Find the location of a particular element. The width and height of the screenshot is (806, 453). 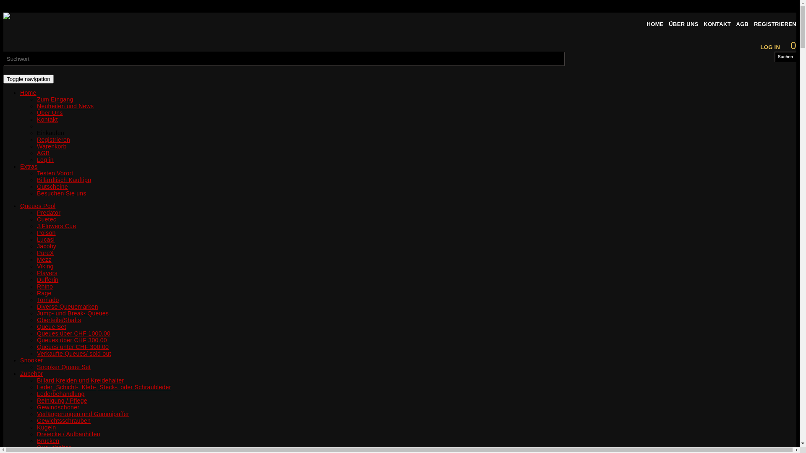

'Jacoby' is located at coordinates (36, 245).